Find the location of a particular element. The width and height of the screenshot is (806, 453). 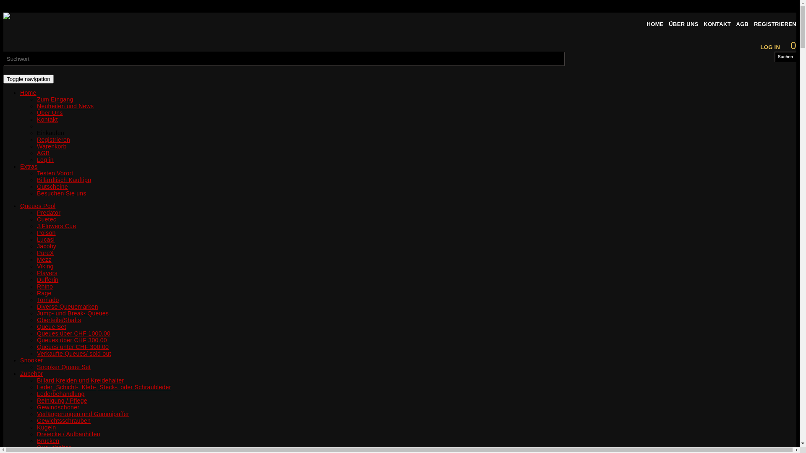

'Jacoby' is located at coordinates (36, 245).